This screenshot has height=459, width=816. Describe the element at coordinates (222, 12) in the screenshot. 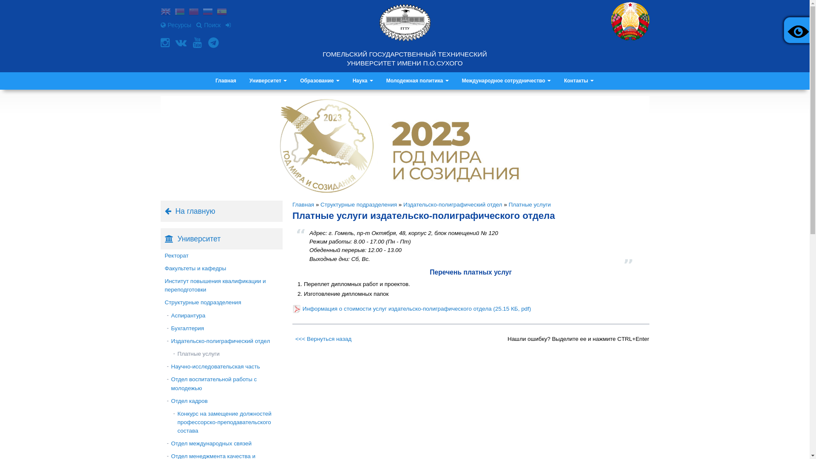

I see `'Spanish'` at that location.